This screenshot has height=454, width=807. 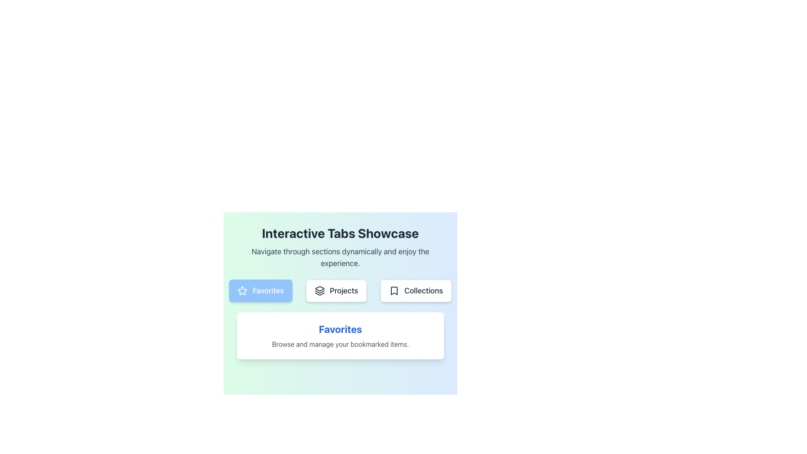 I want to click on the 'Projects' button, which is a rectangular button with a white background and a gray border, featuring an icon of layered squares and the text 'Projects'. It is located in the navigation group between 'Favorites' and 'Collections', so click(x=336, y=290).